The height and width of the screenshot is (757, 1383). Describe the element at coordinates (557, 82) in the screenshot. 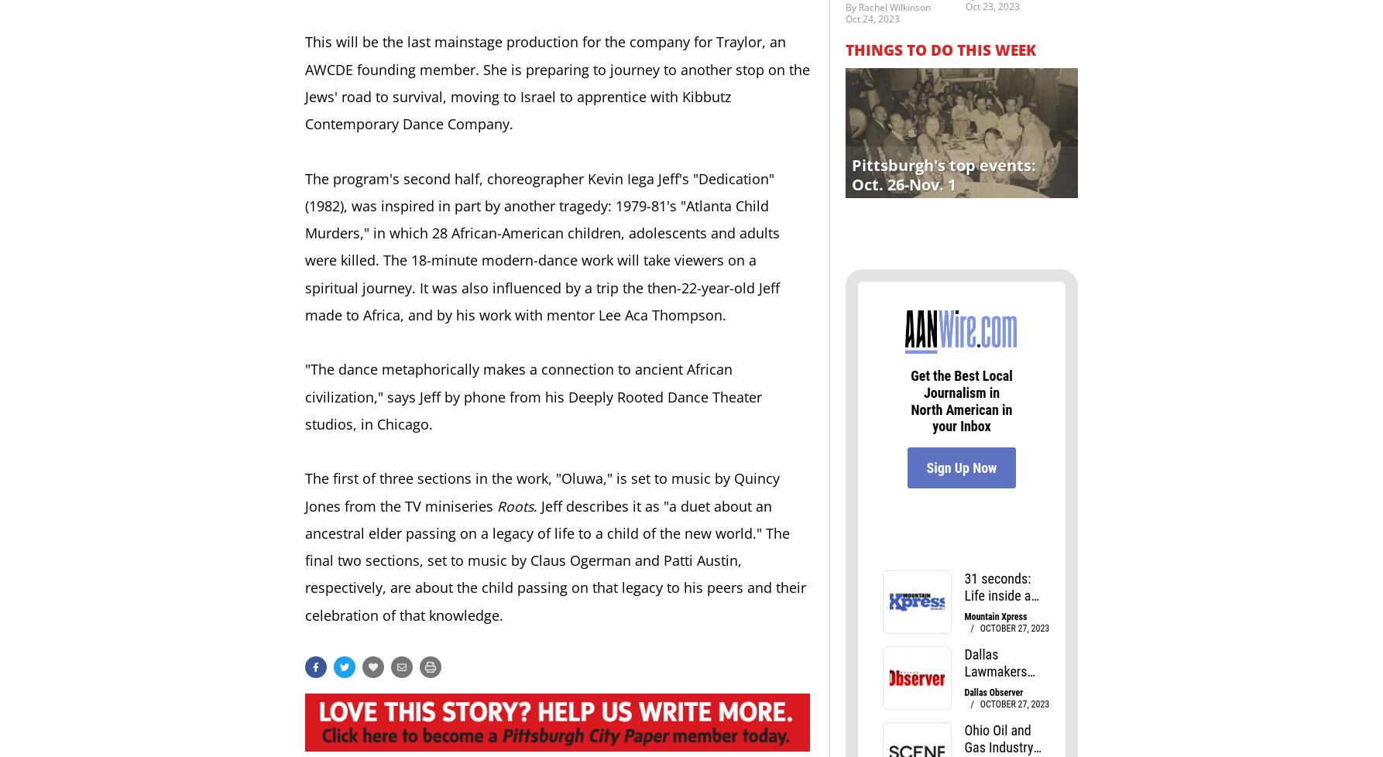

I see `'This will be the last mainstage production for the company for Traylor, an AWCDE founding member. She is preparing to journey to another stop on the Jews' road to survival, moving to Israel to apprentice with Kibbutz Contemporary Dance Company.'` at that location.